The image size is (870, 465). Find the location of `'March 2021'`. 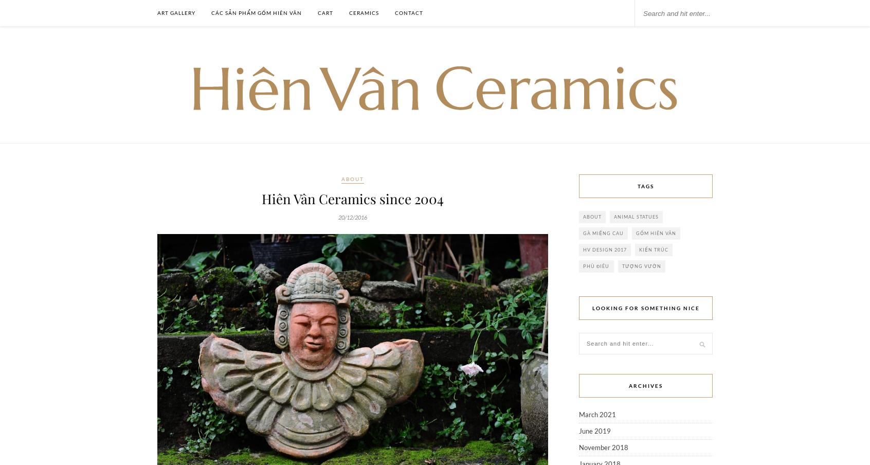

'March 2021' is located at coordinates (597, 414).